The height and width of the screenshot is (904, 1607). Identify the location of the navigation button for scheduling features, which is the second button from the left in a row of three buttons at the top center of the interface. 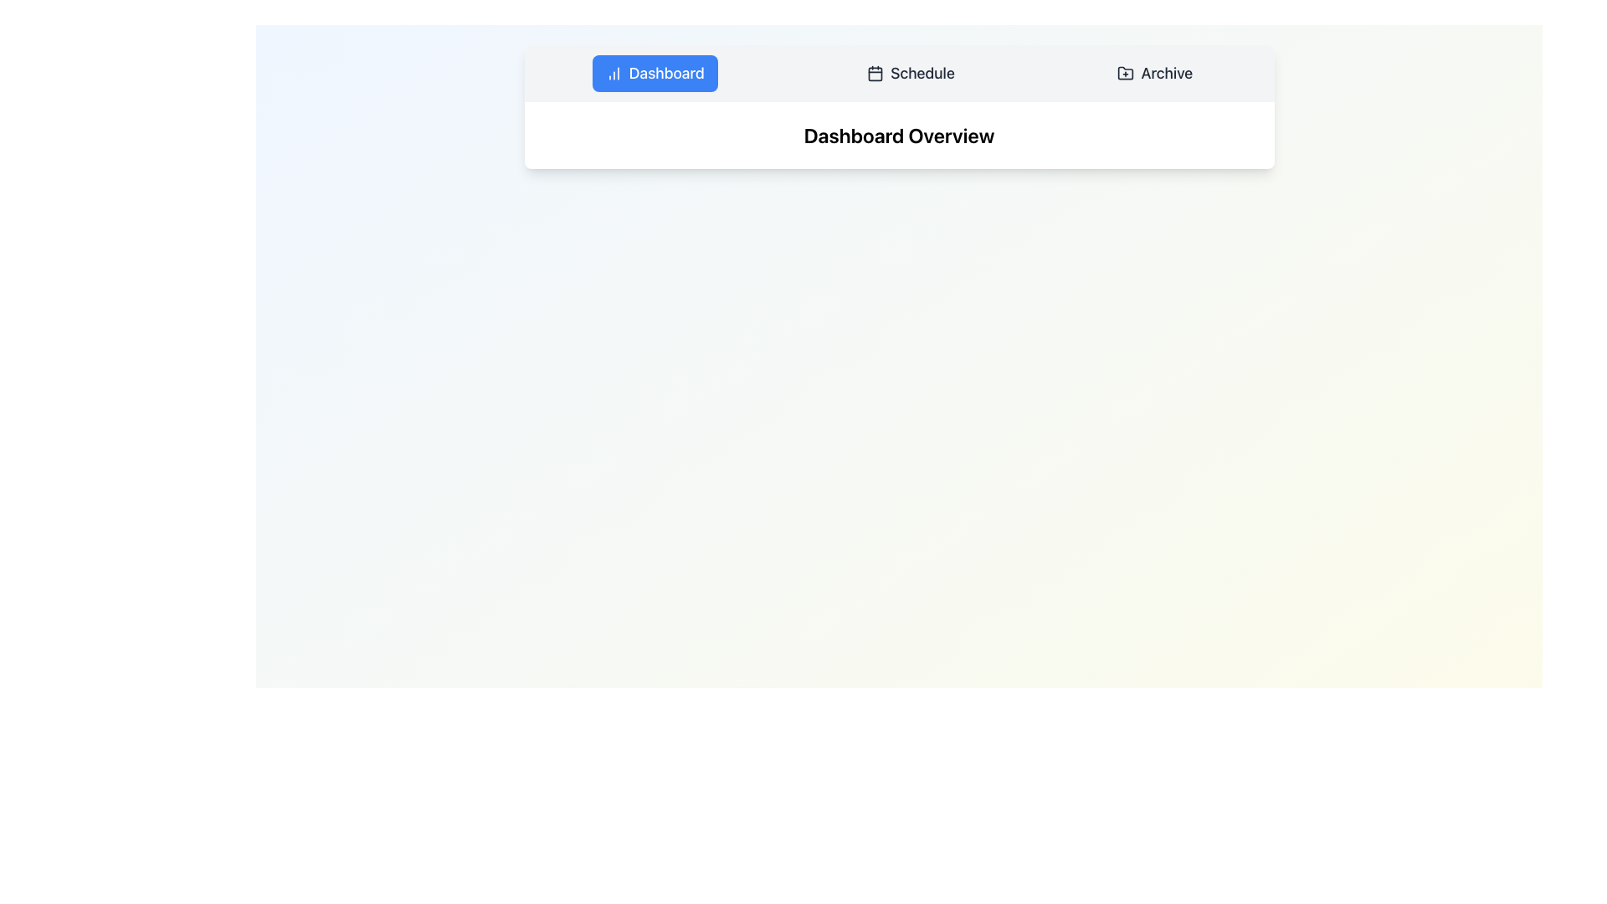
(910, 73).